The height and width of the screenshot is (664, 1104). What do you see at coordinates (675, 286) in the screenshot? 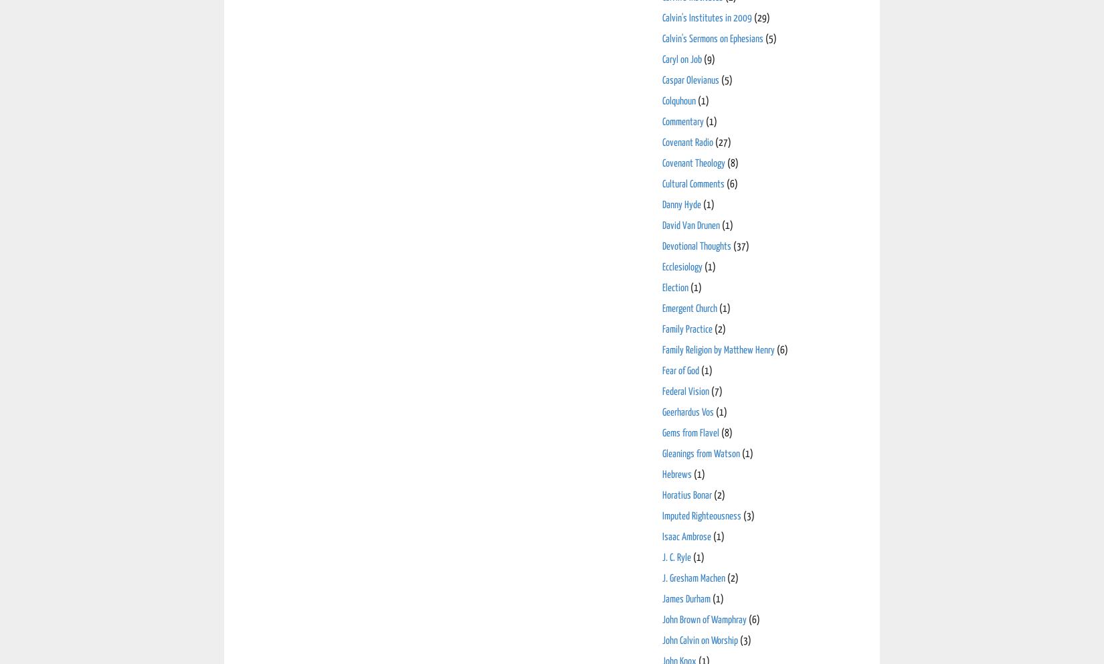
I see `'Election'` at bounding box center [675, 286].